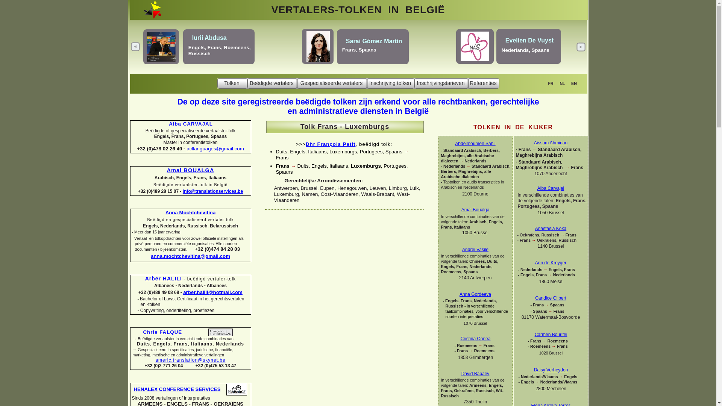 This screenshot has height=406, width=722. I want to click on 'Inschrijvingstarieven', so click(441, 83).